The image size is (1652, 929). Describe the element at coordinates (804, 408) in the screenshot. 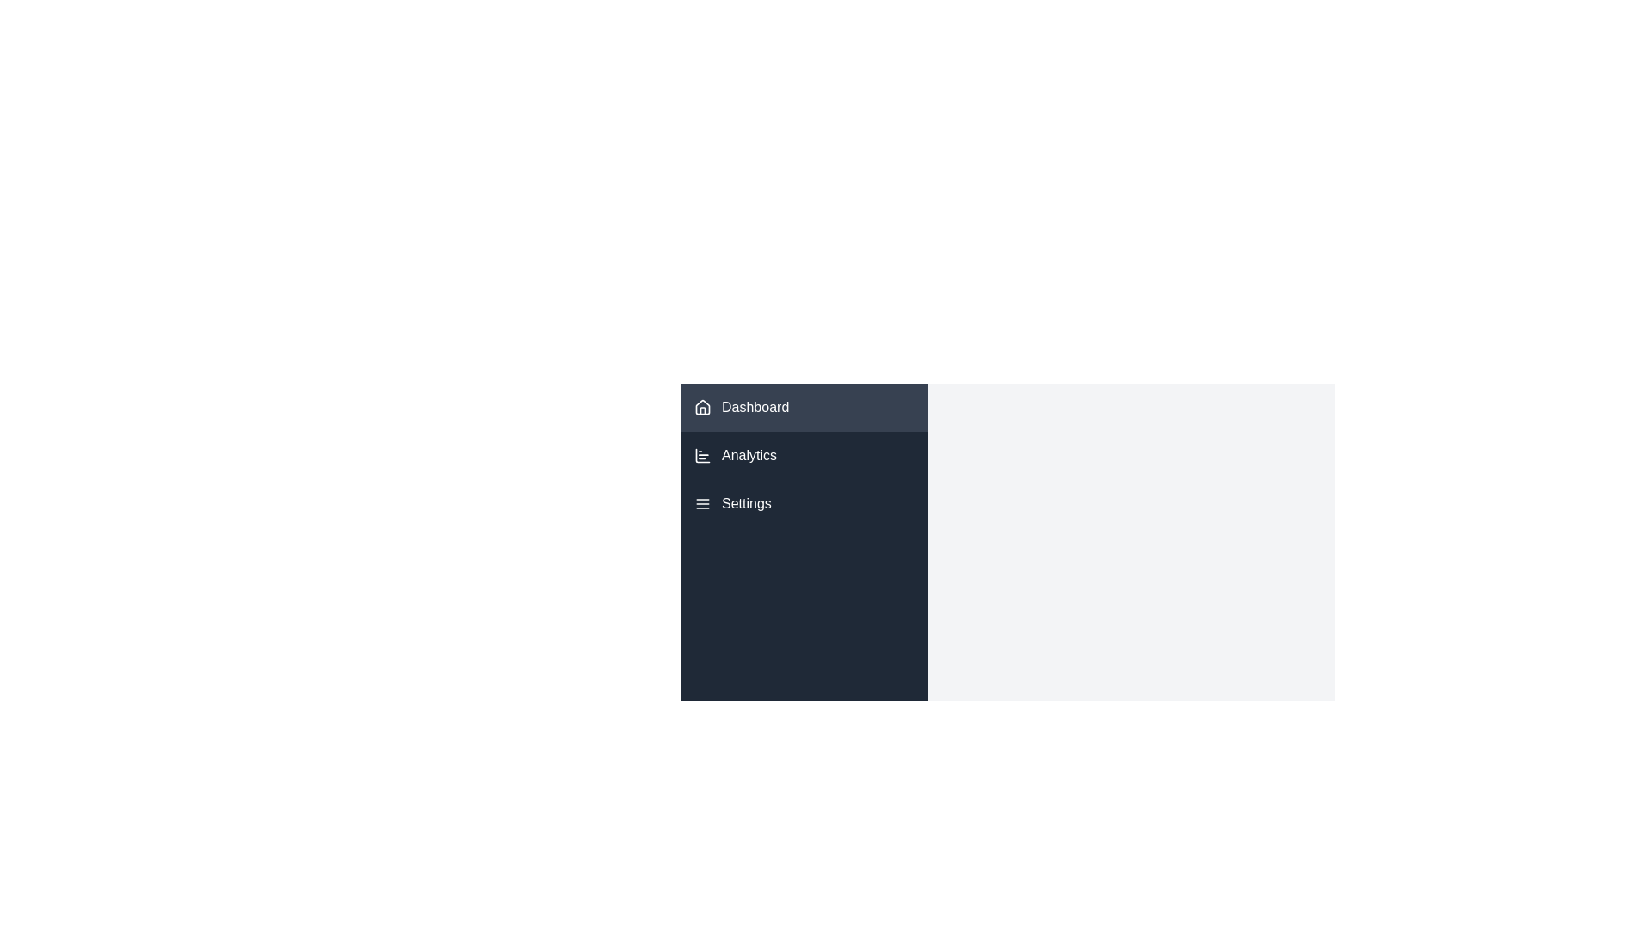

I see `the 'Dashboard' button located in the vertical menu on the left panel of the interface` at that location.